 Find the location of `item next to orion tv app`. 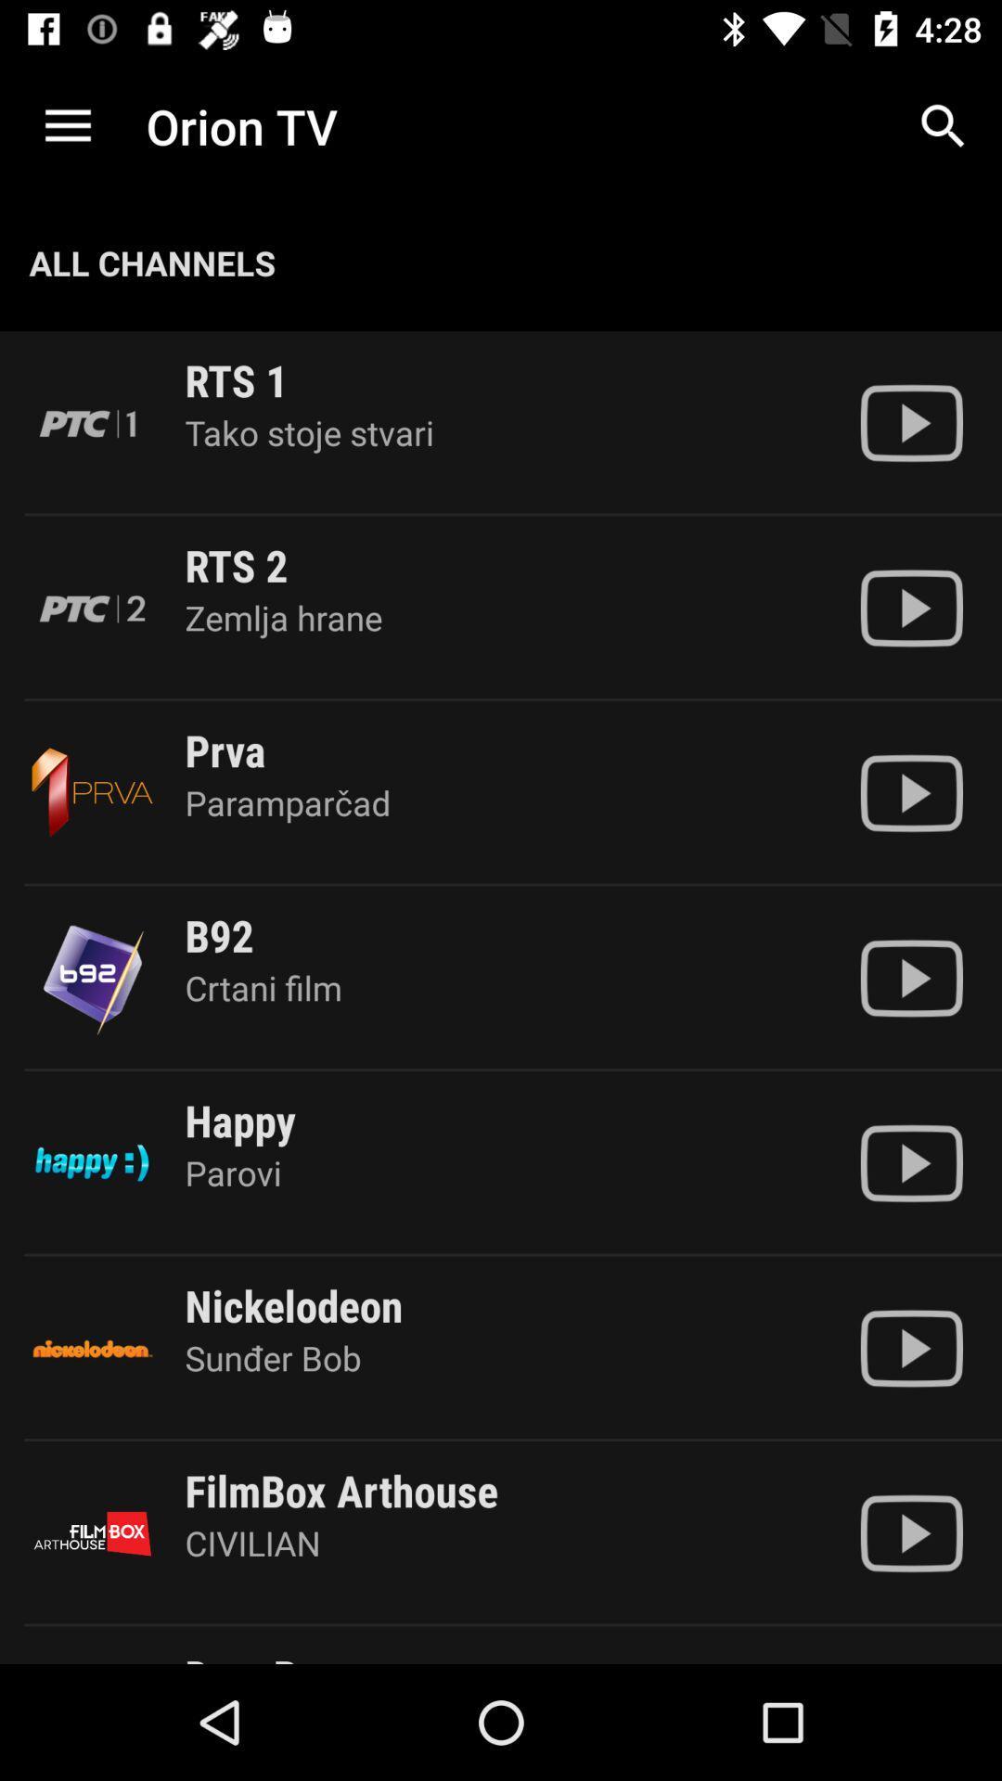

item next to orion tv app is located at coordinates (944, 125).